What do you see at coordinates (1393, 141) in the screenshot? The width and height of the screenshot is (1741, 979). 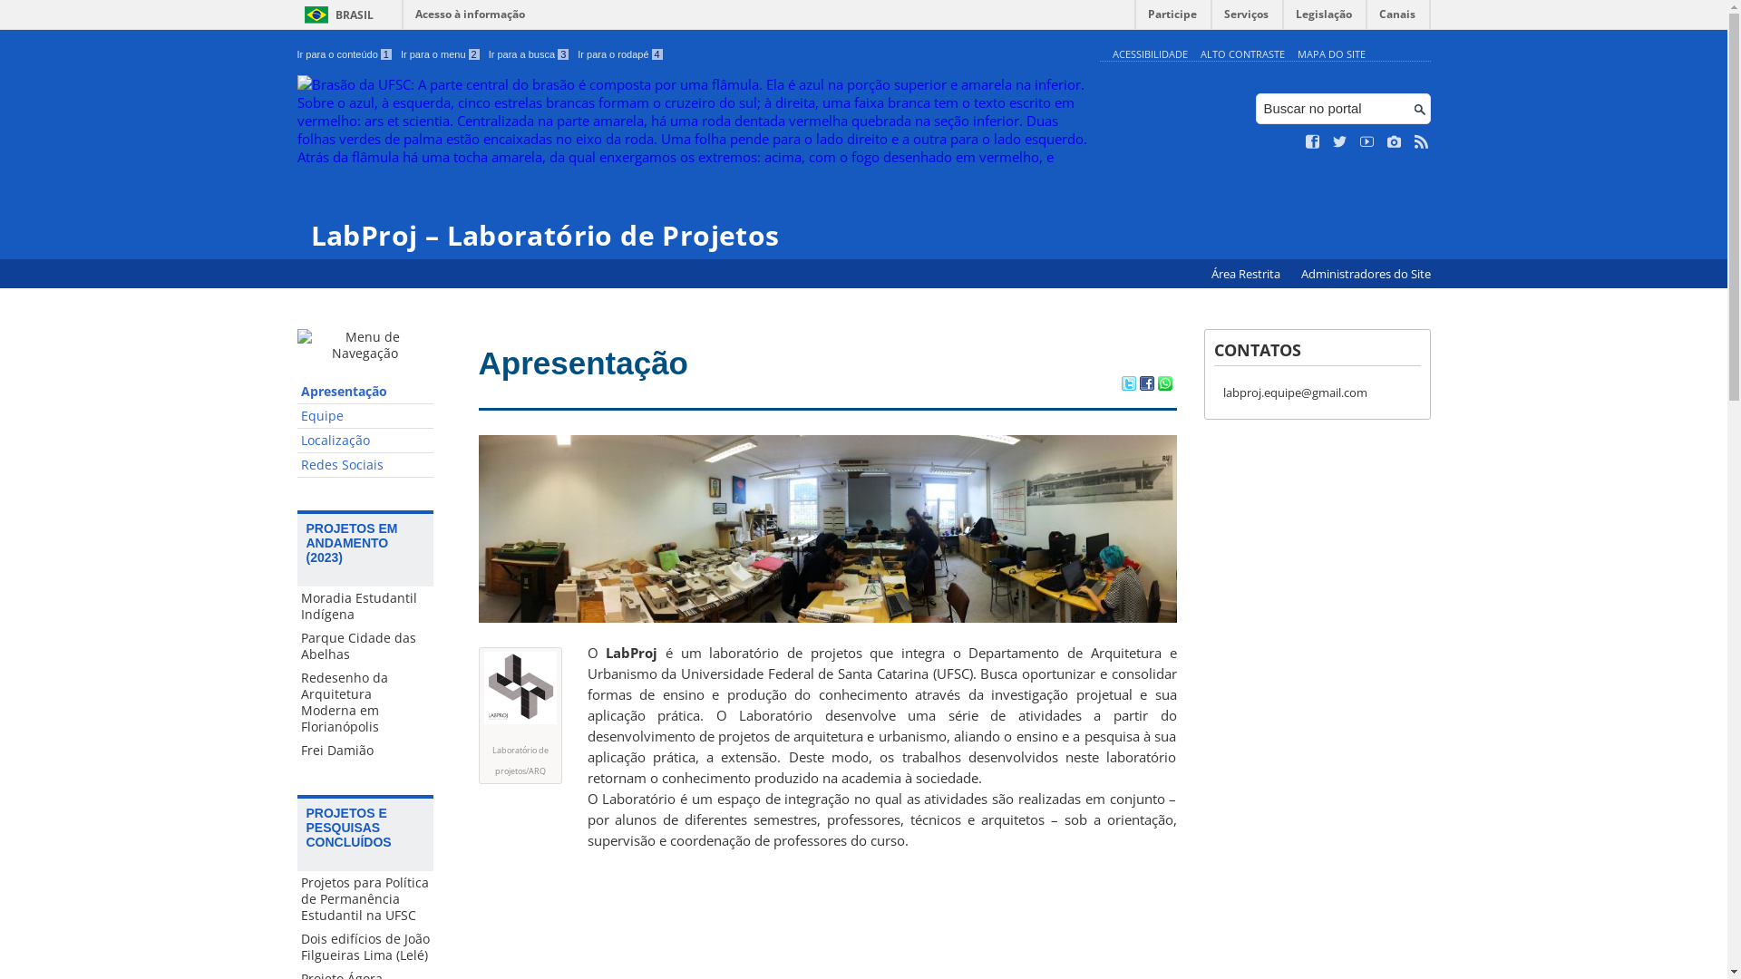 I see `'Veja no Instagram'` at bounding box center [1393, 141].